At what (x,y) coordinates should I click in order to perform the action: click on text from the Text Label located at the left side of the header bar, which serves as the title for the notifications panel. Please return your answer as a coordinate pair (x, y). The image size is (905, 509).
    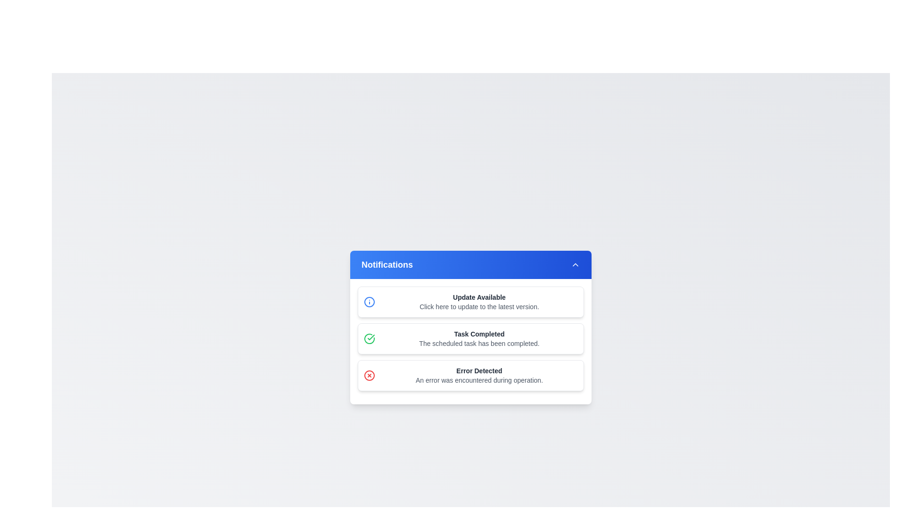
    Looking at the image, I should click on (387, 265).